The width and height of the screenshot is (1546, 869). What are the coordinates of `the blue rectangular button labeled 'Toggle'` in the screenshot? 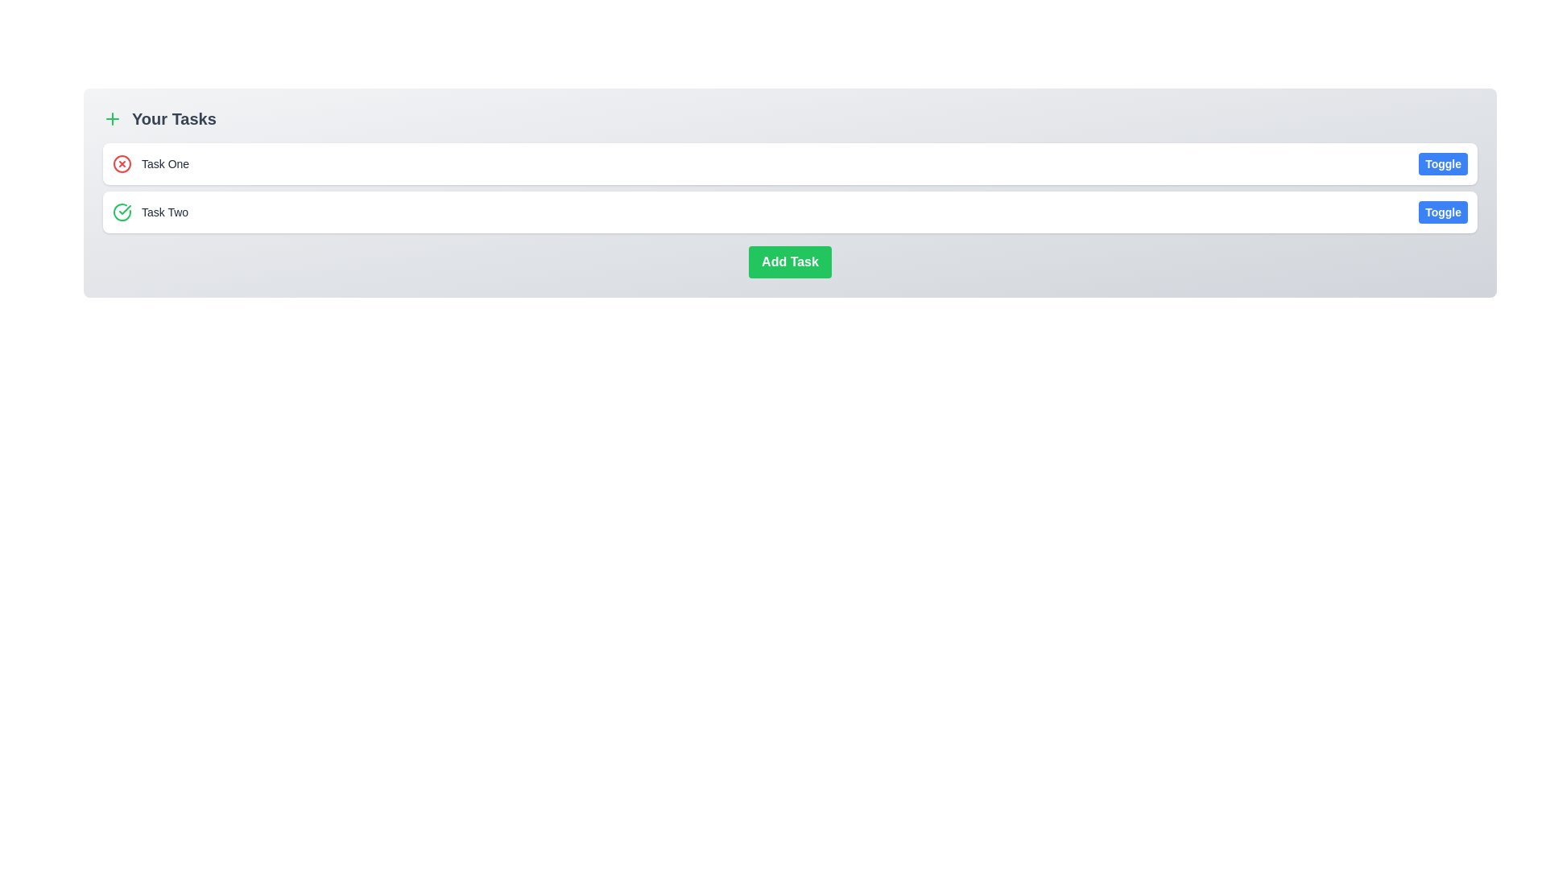 It's located at (1443, 211).